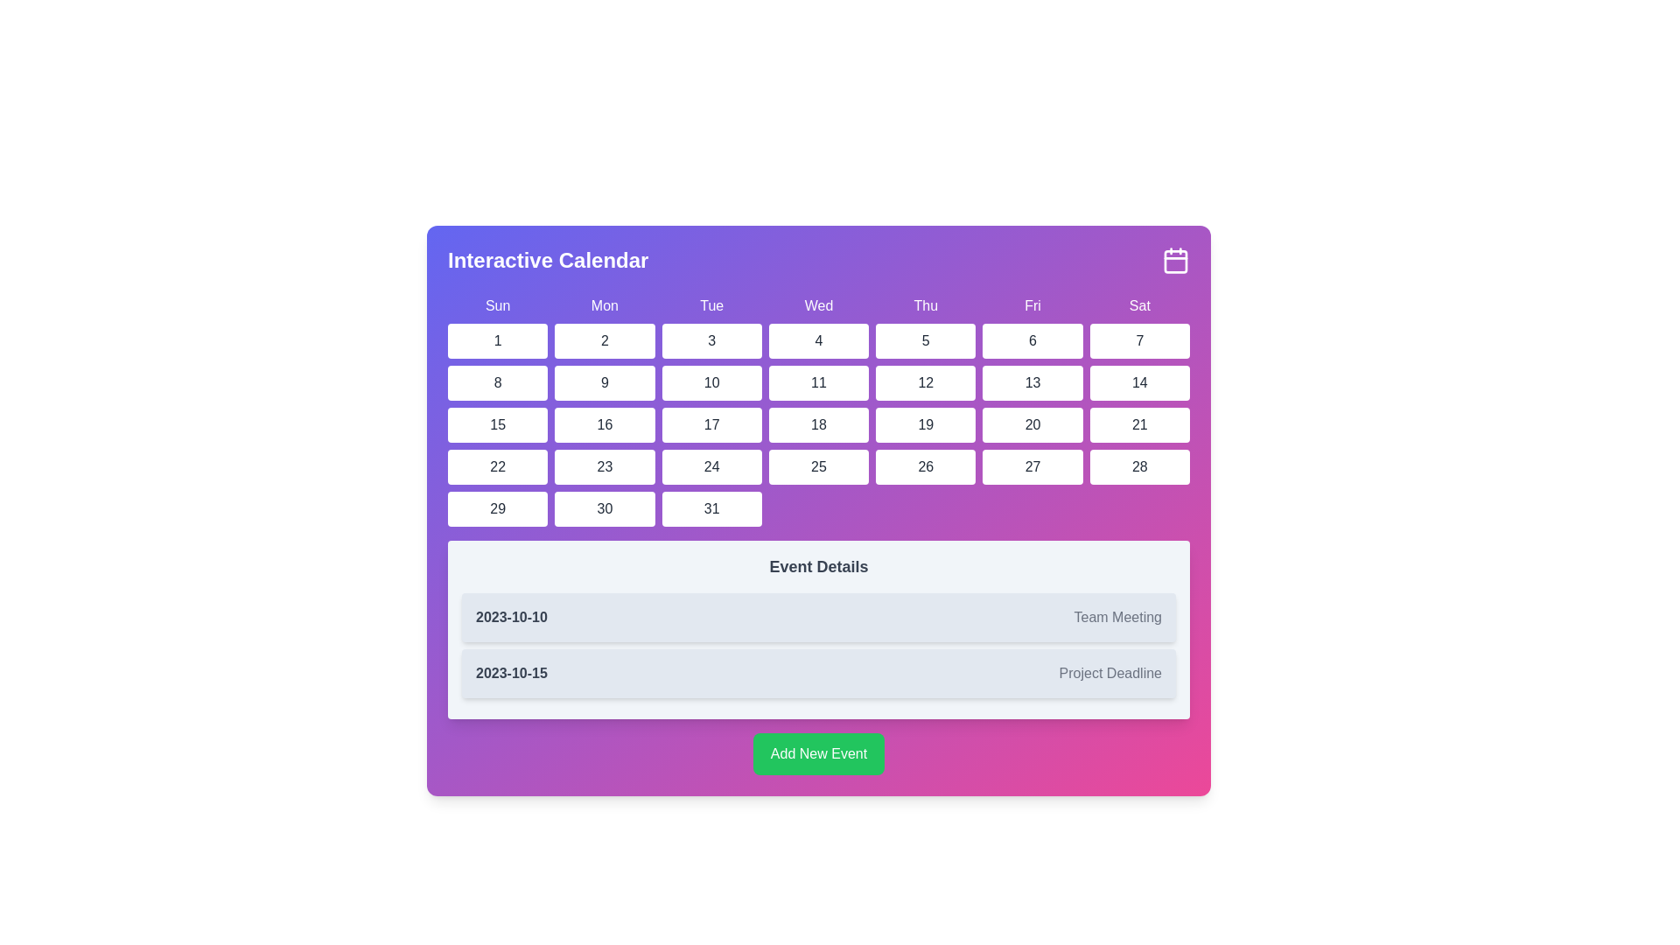 This screenshot has height=945, width=1680. Describe the element at coordinates (818, 465) in the screenshot. I see `the day button in the calendar interface located in the 'Wed' column, fifth row from the top, to change its appearance` at that location.